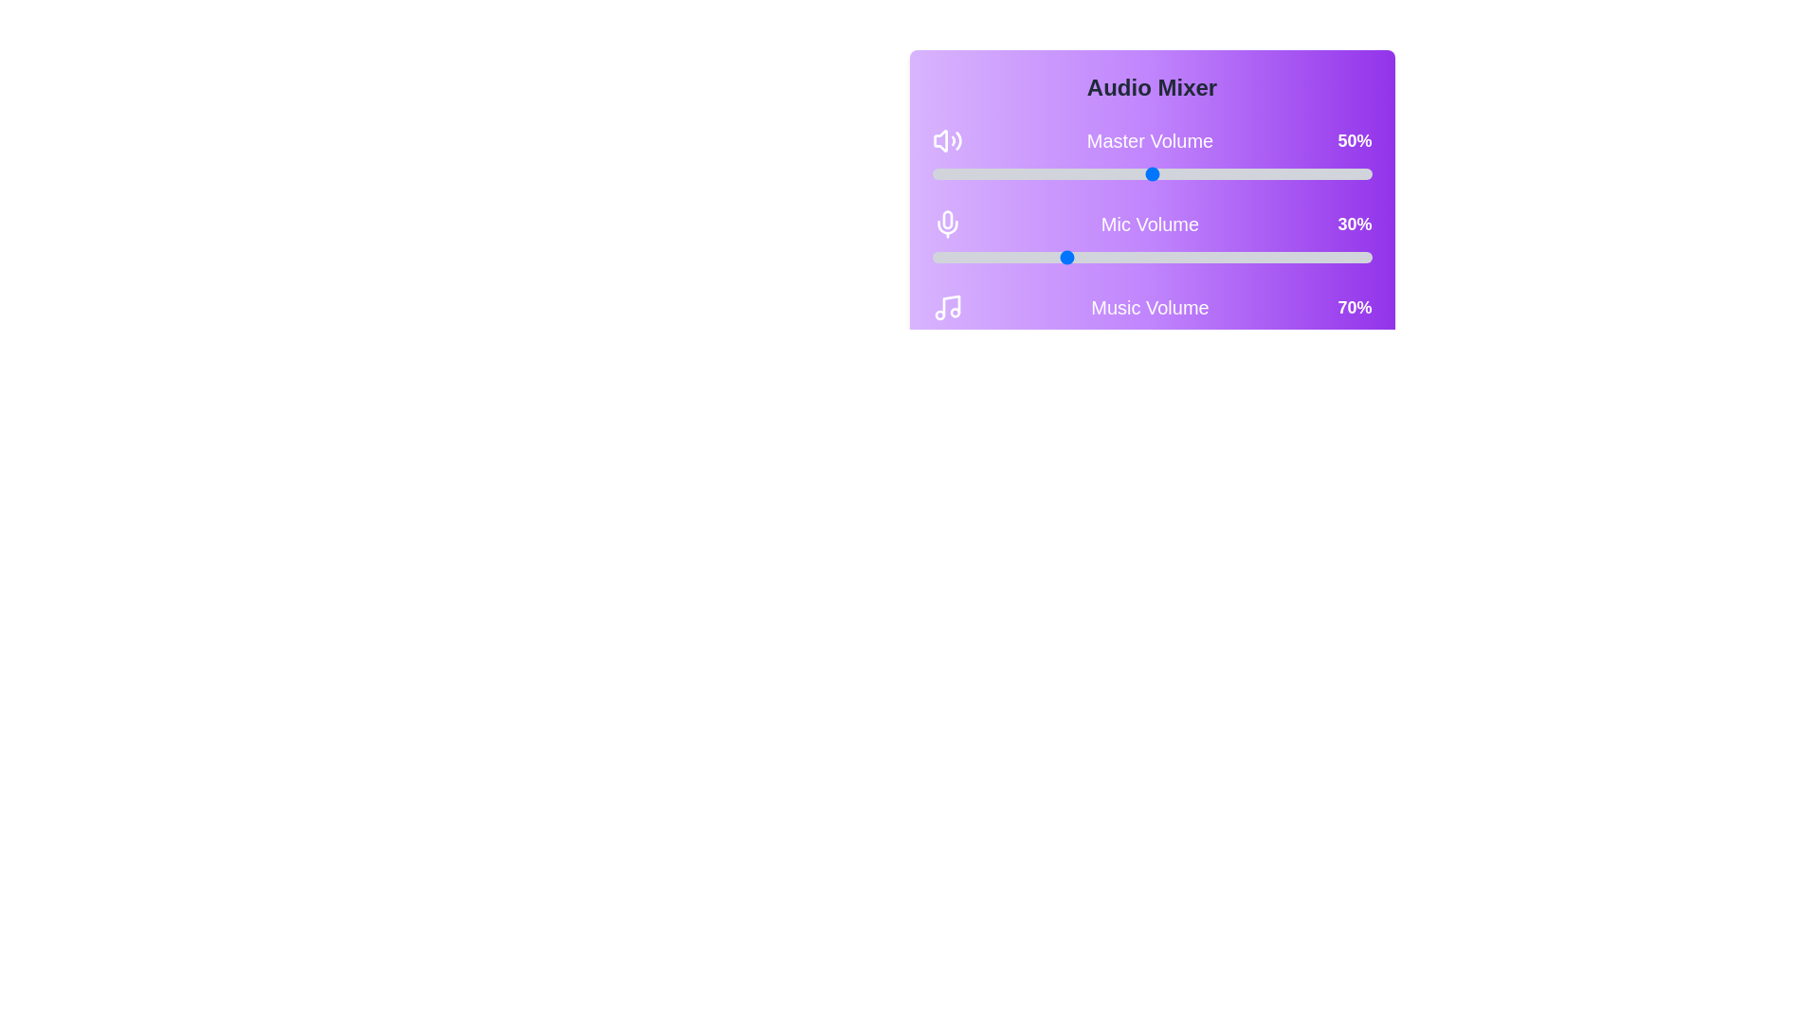 The image size is (1820, 1023). What do you see at coordinates (1112, 258) in the screenshot?
I see `the microphone volume` at bounding box center [1112, 258].